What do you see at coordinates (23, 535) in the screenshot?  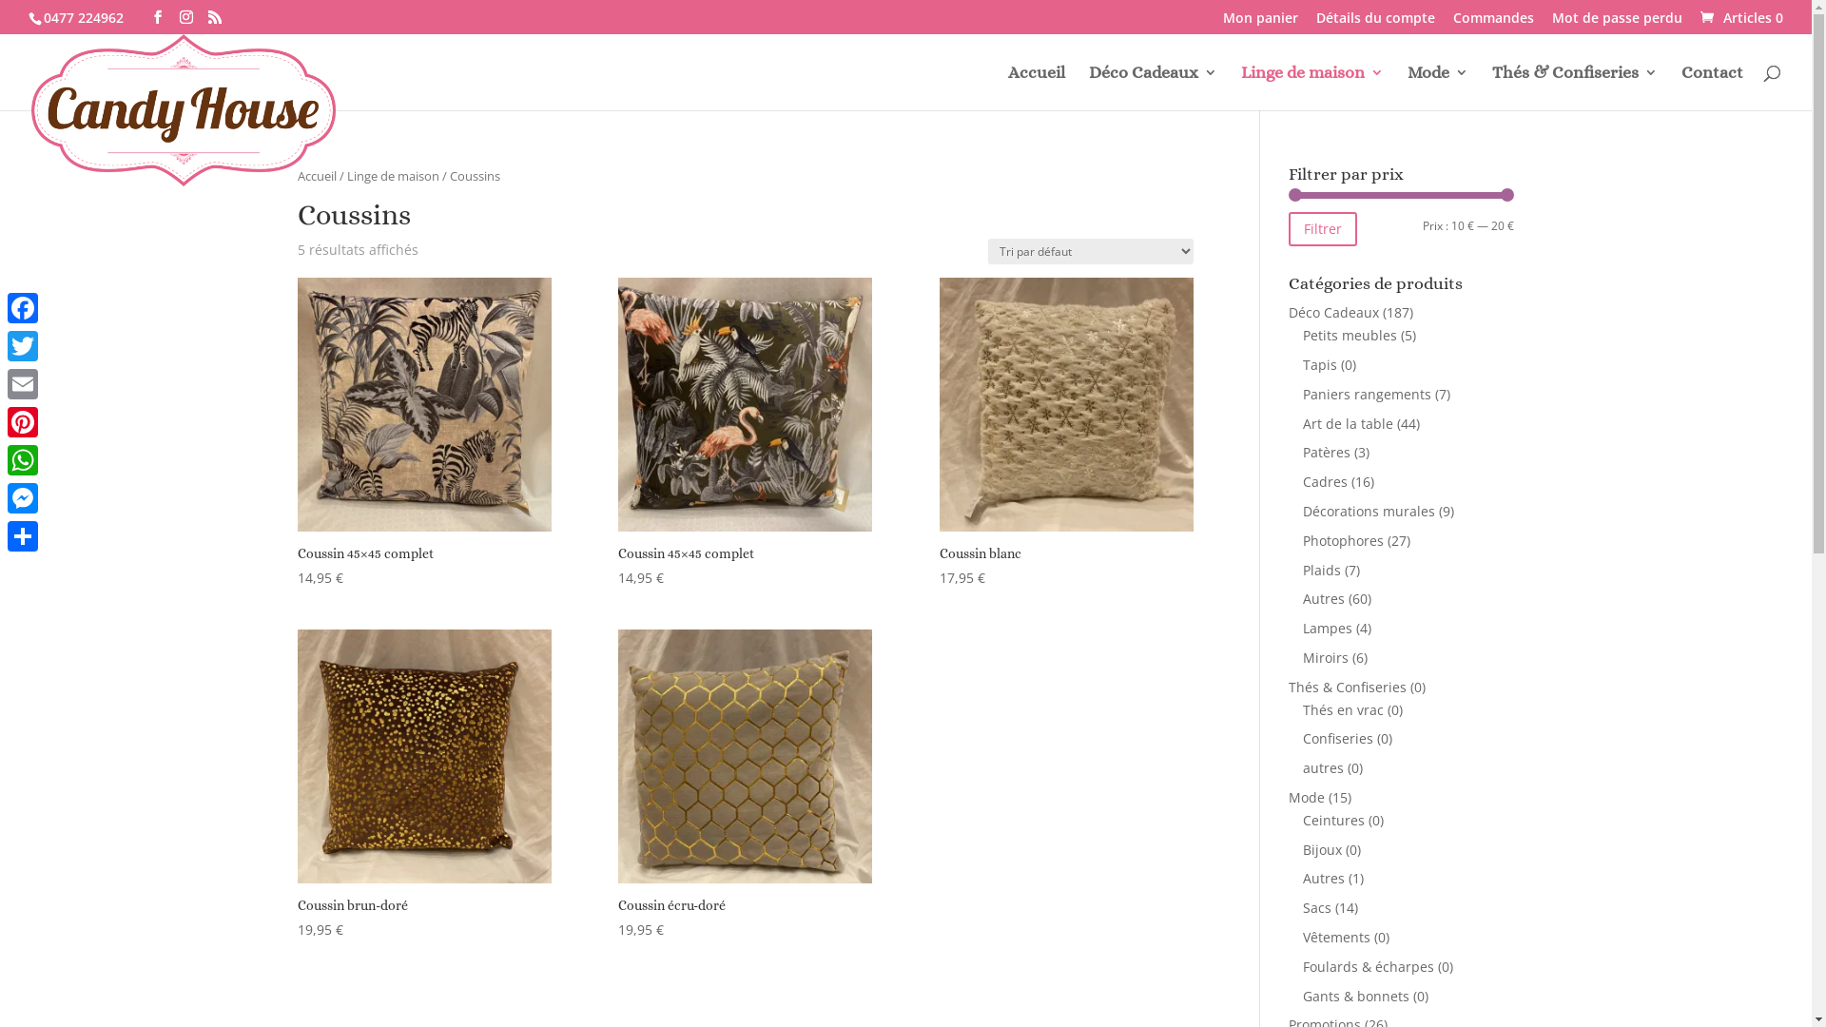 I see `'Share'` at bounding box center [23, 535].